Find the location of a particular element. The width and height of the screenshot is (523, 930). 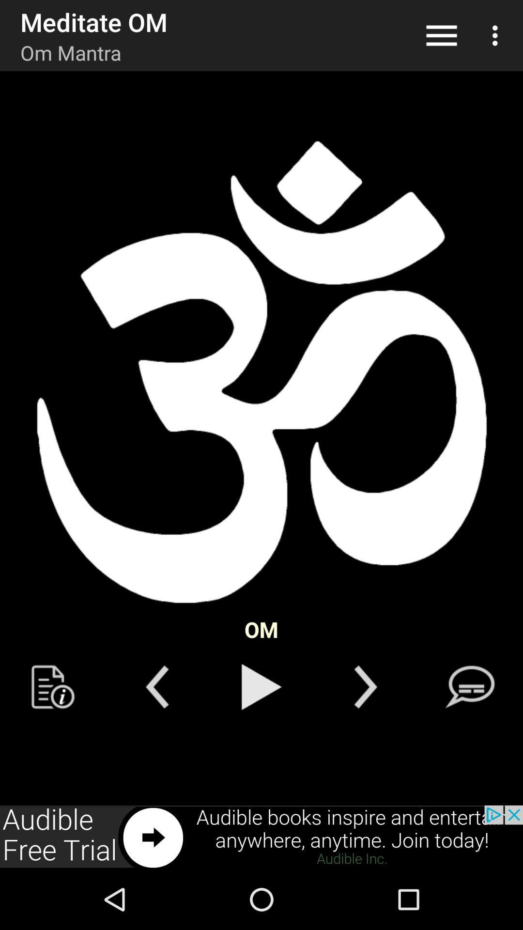

play is located at coordinates (261, 686).